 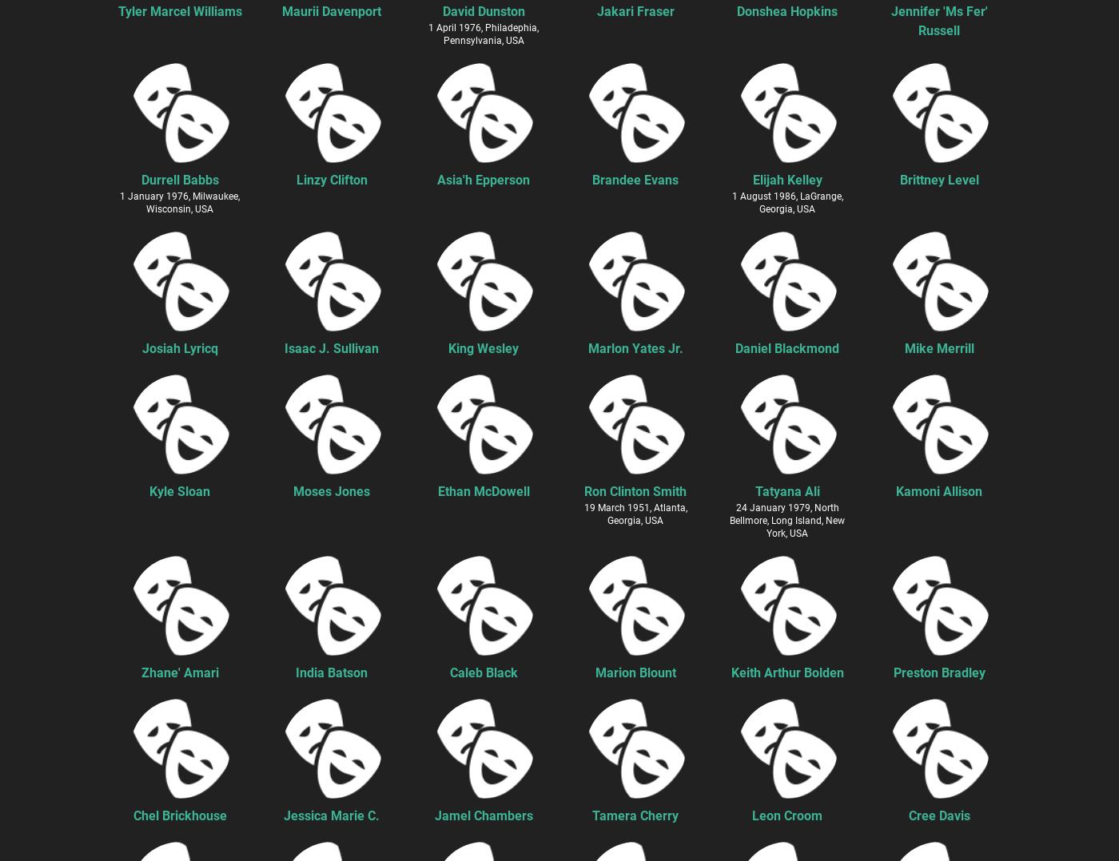 What do you see at coordinates (786, 672) in the screenshot?
I see `'Keith Arthur Bolden'` at bounding box center [786, 672].